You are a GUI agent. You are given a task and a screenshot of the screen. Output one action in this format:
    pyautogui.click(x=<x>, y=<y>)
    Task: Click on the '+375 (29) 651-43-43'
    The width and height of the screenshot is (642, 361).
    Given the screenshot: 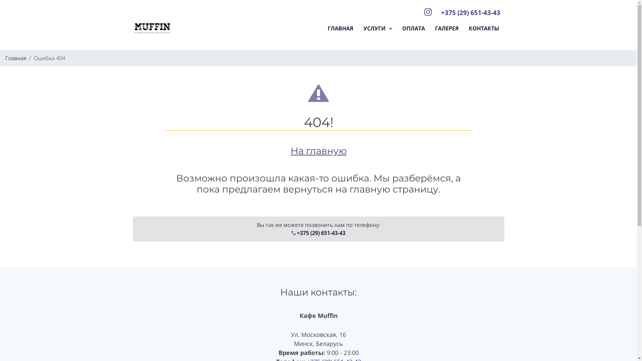 What is the action you would take?
    pyautogui.click(x=470, y=12)
    